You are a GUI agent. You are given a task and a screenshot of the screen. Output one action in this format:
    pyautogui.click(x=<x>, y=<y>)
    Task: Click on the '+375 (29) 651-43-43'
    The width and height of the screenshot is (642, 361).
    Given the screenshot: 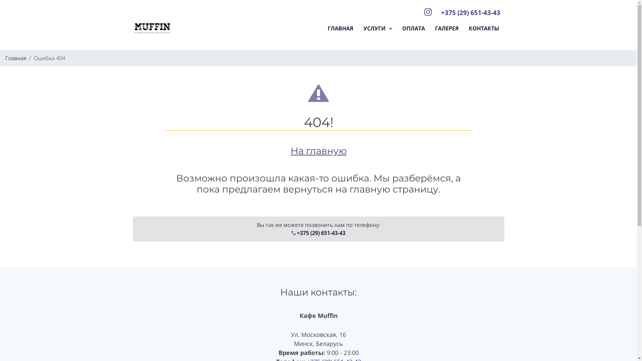 What is the action you would take?
    pyautogui.click(x=470, y=12)
    